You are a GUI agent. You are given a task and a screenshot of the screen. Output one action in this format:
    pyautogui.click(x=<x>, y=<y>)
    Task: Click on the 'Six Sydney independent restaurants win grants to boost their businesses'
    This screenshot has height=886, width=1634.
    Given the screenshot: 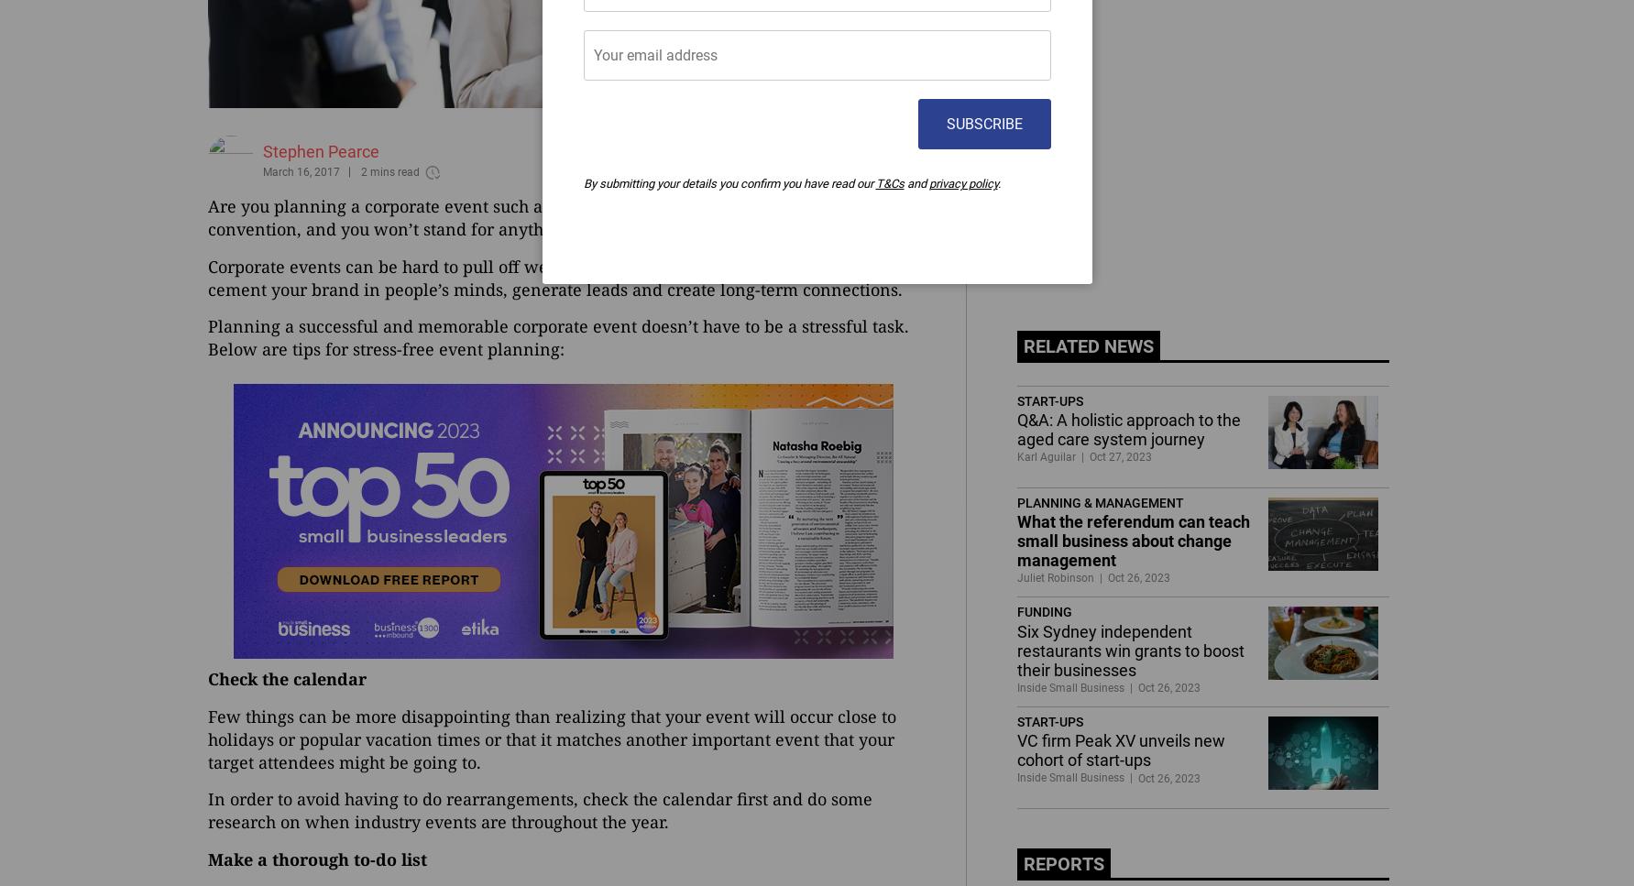 What is the action you would take?
    pyautogui.click(x=1015, y=649)
    